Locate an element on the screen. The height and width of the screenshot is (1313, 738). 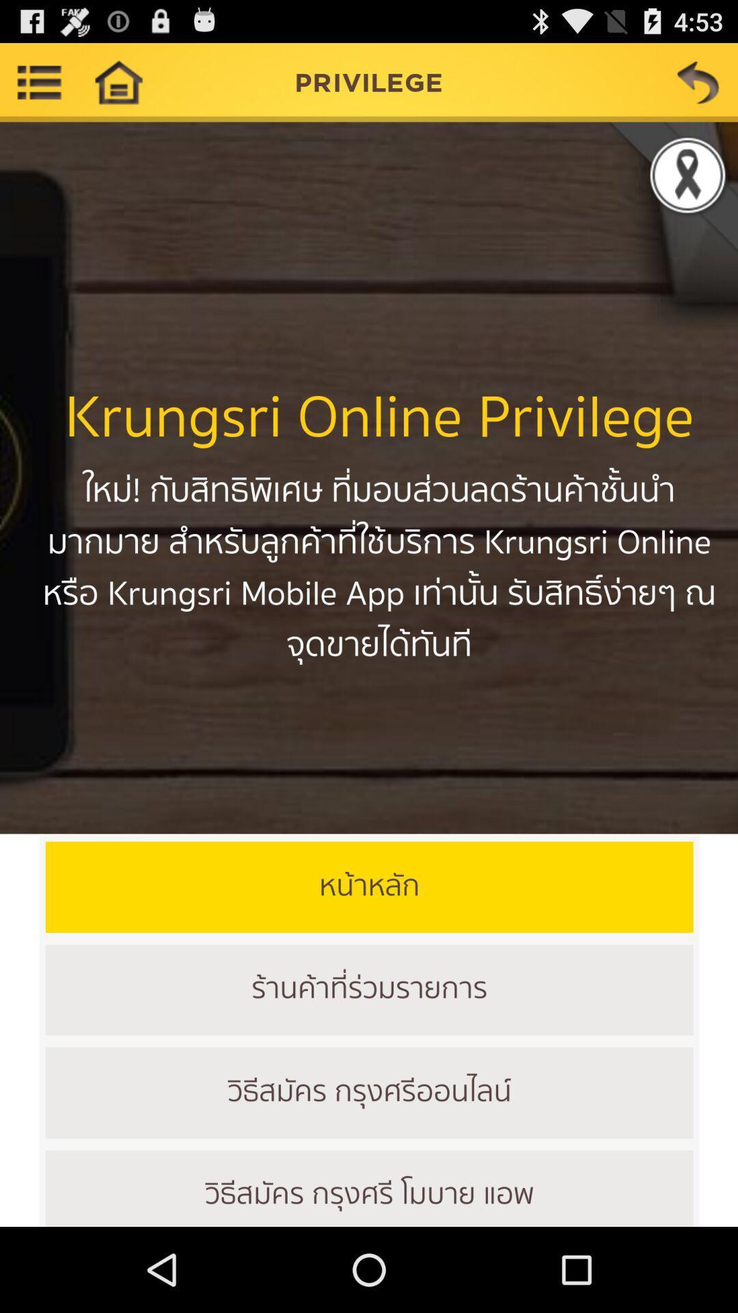
menu button is located at coordinates (38, 81).